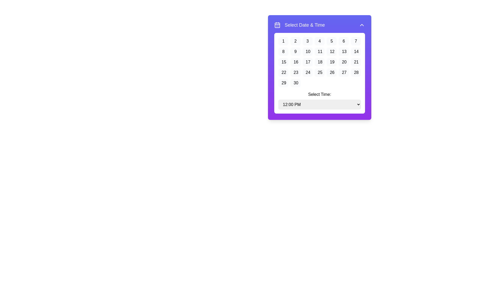 Image resolution: width=501 pixels, height=282 pixels. What do you see at coordinates (283, 72) in the screenshot?
I see `the selectable date button located in the first column of the fourth row in the calendar interface` at bounding box center [283, 72].